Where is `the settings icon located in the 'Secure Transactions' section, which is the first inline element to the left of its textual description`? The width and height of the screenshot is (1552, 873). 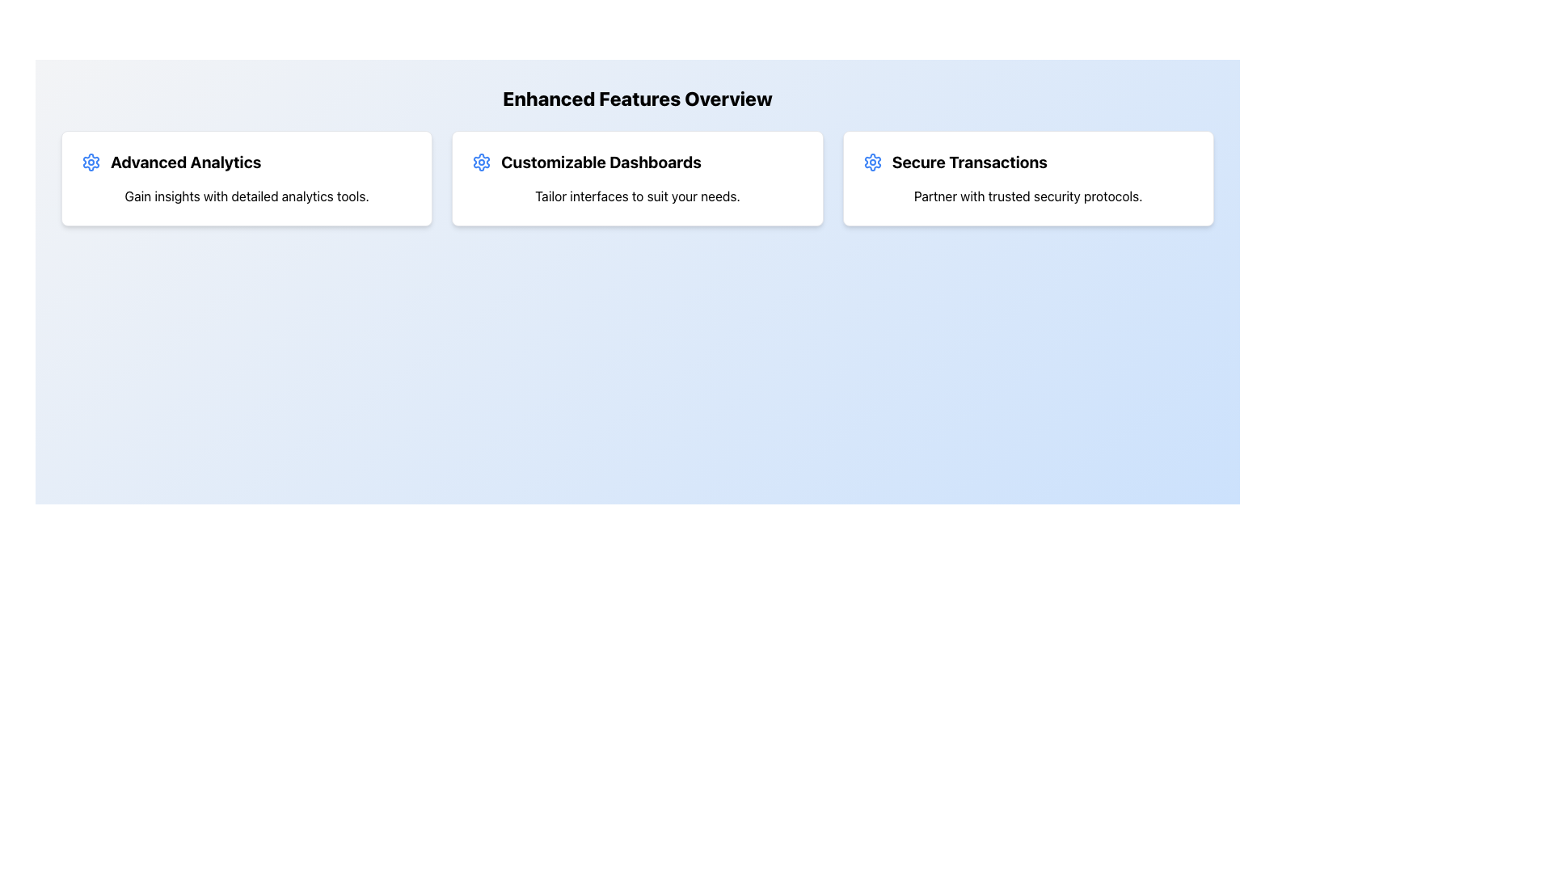 the settings icon located in the 'Secure Transactions' section, which is the first inline element to the left of its textual description is located at coordinates (871, 162).